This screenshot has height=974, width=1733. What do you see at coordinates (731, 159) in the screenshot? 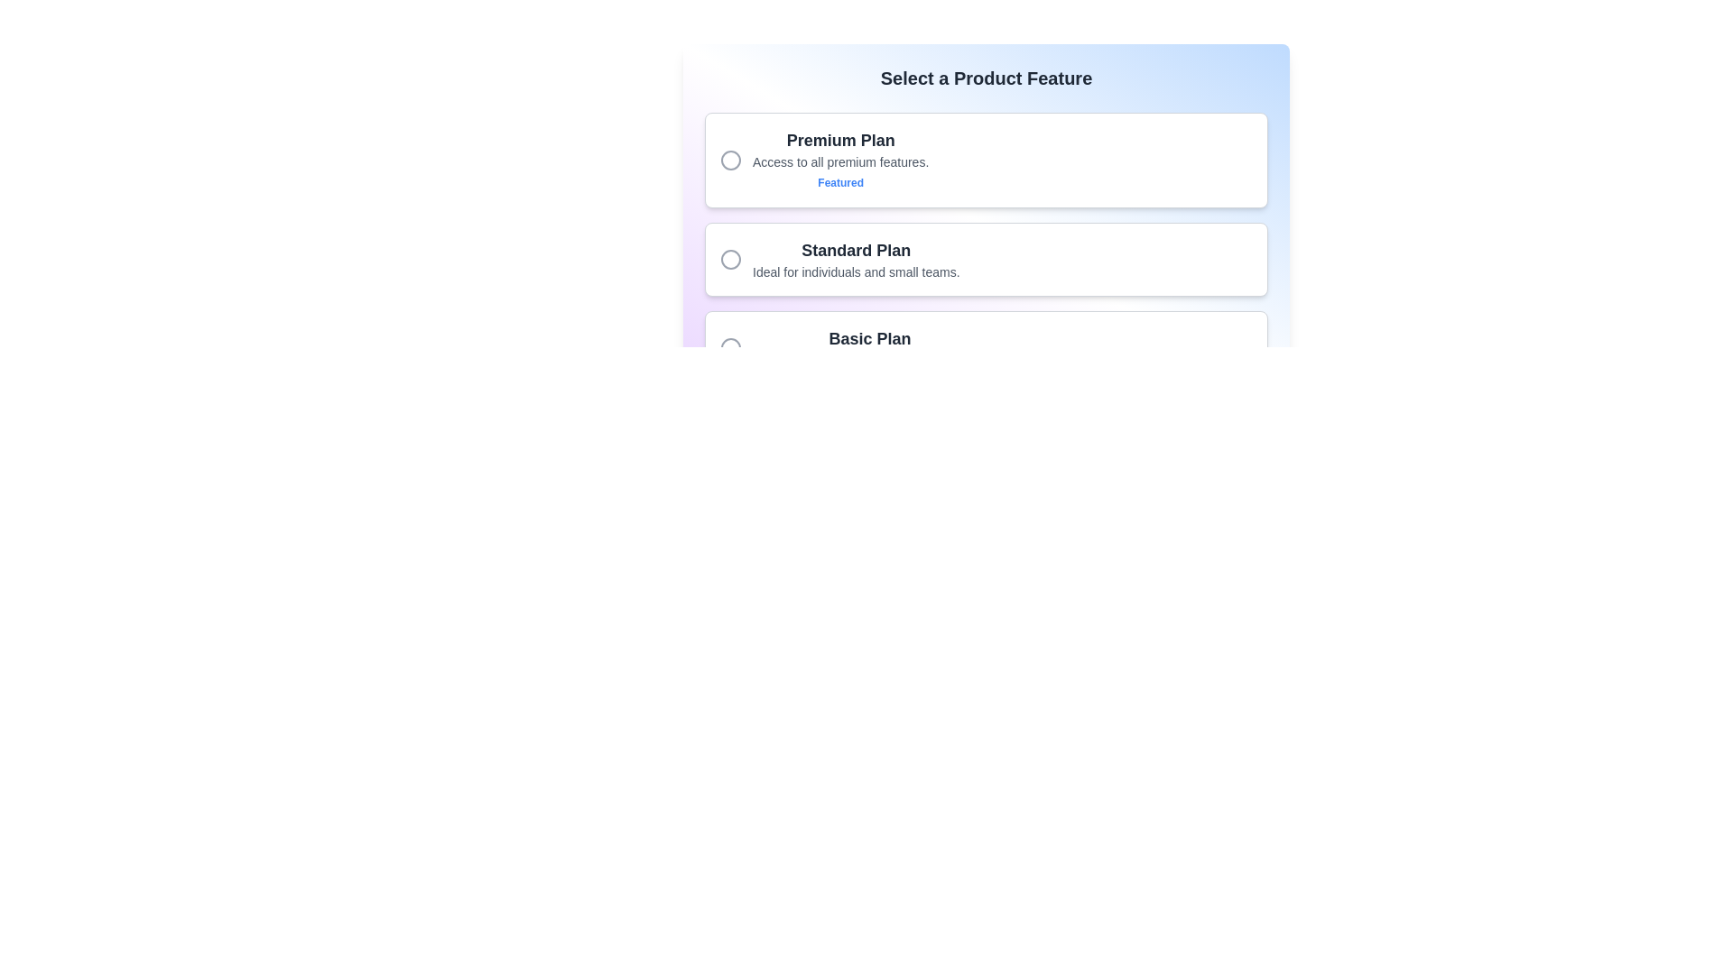
I see `the circular outline of the 'Premium Plan' radio button` at bounding box center [731, 159].